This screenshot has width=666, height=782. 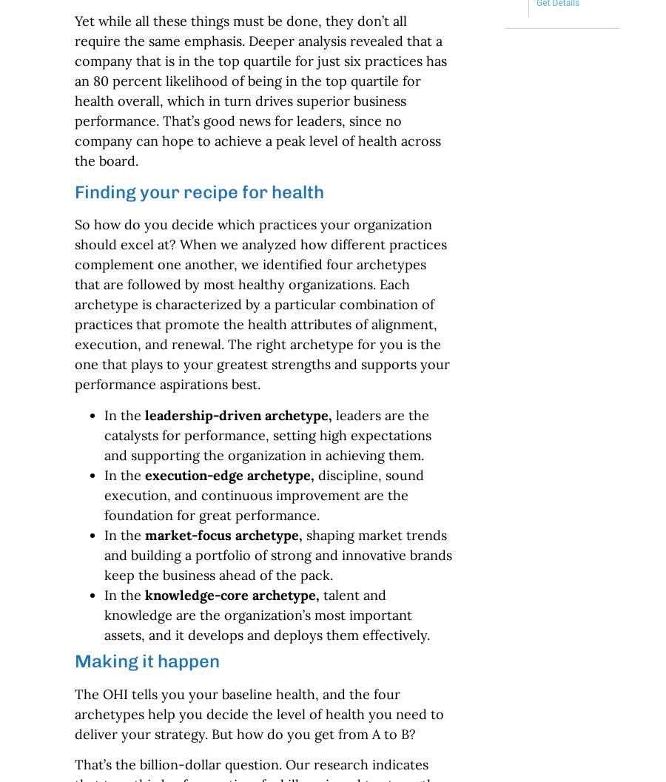 What do you see at coordinates (73, 659) in the screenshot?
I see `'Making it happen'` at bounding box center [73, 659].